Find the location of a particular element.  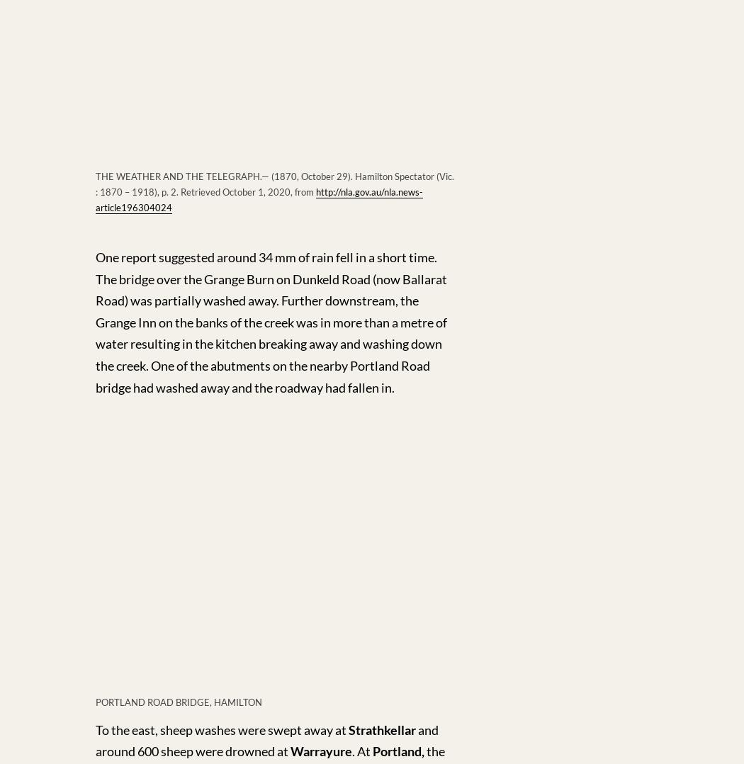

'PORTLAND ROAD BRIDGE, HAMILTON' is located at coordinates (179, 702).